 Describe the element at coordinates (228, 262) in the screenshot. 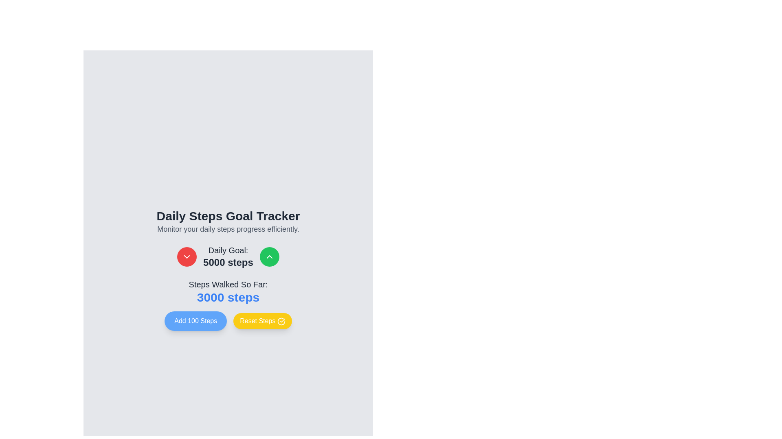

I see `the Static Text displaying the current daily step goal value, which is centrally located below the label 'Daily Goal:' and between circular arrow buttons` at that location.